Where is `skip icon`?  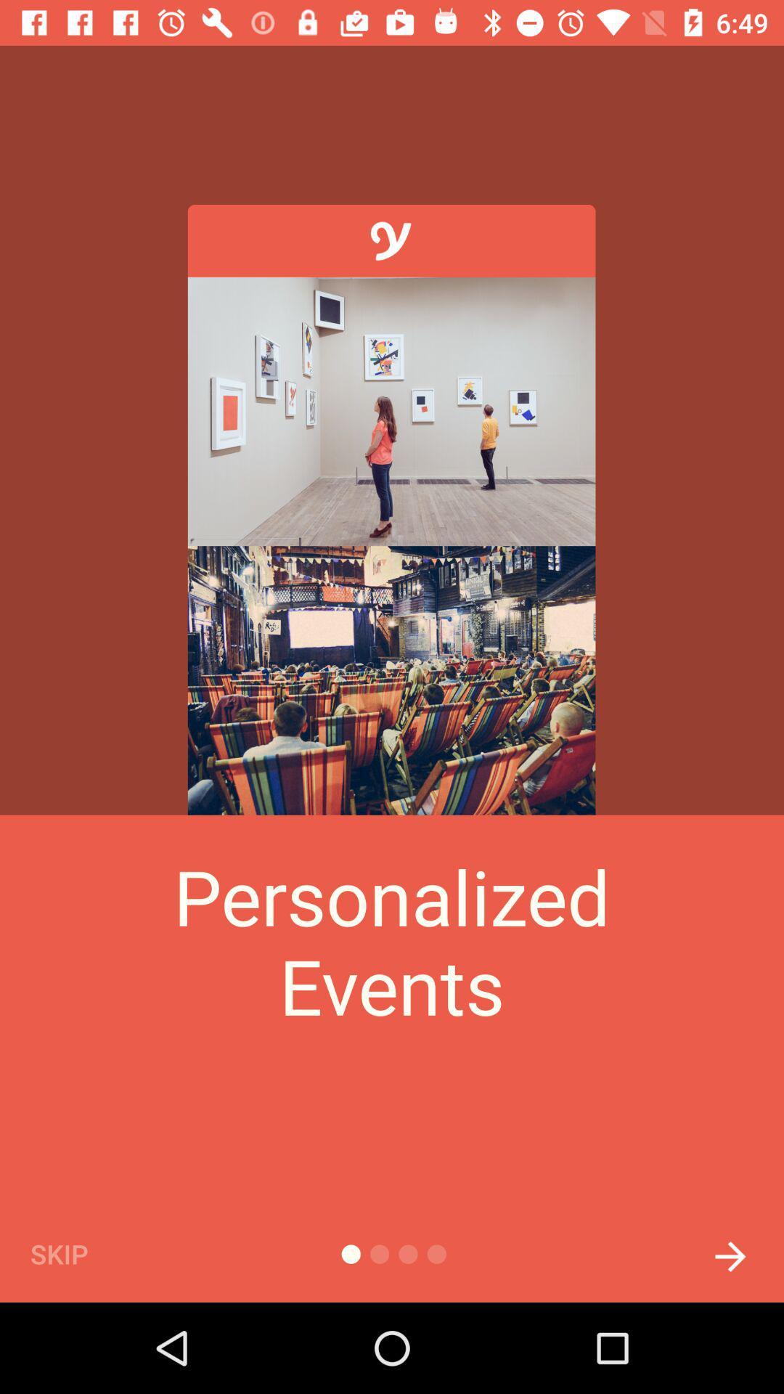 skip icon is located at coordinates (83, 1253).